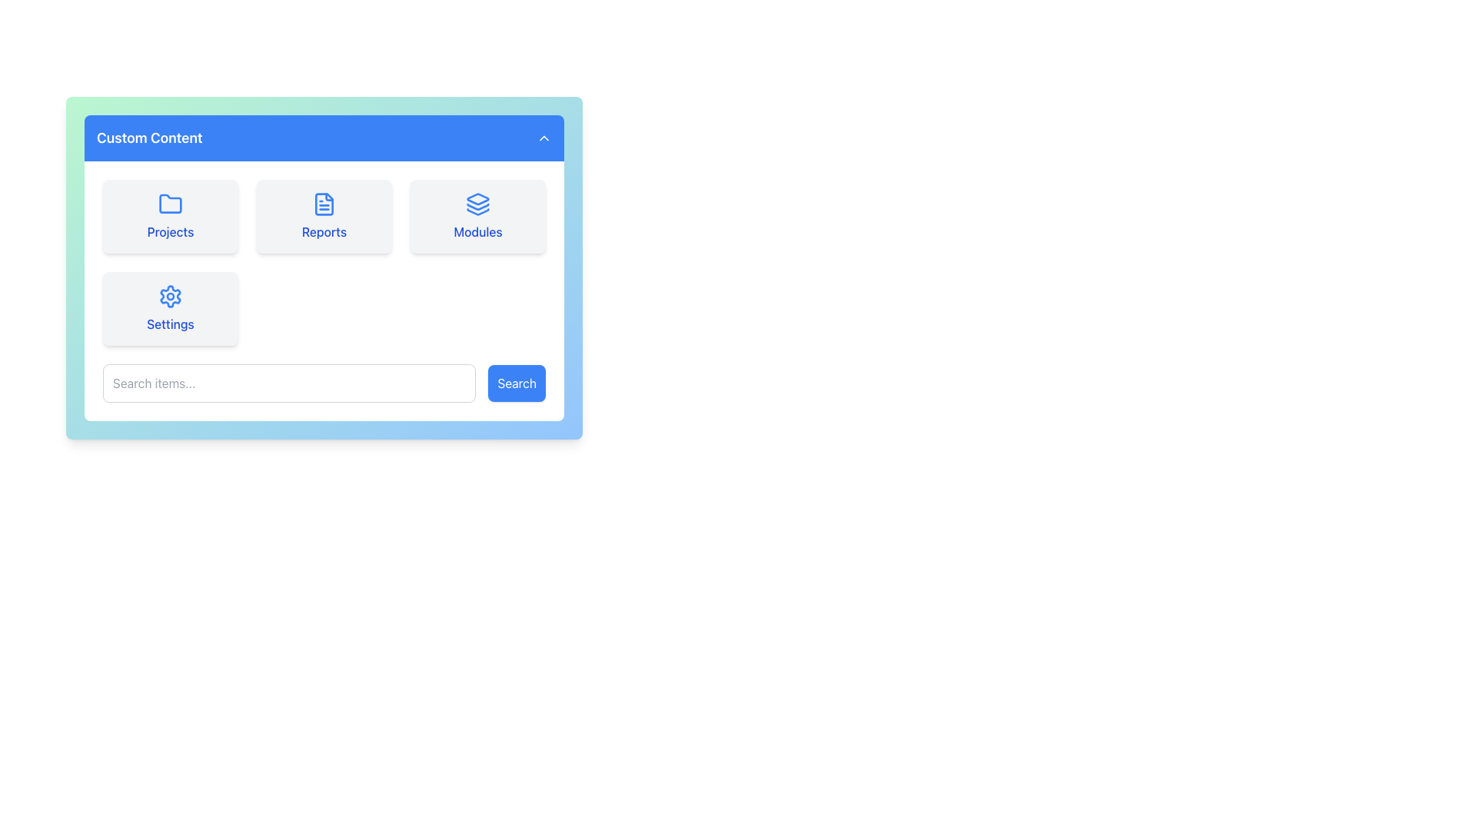 The width and height of the screenshot is (1476, 830). Describe the element at coordinates (149, 138) in the screenshot. I see `the text label that serves as a title or heading for the section, located in the upper left portion of the horizontal header` at that location.